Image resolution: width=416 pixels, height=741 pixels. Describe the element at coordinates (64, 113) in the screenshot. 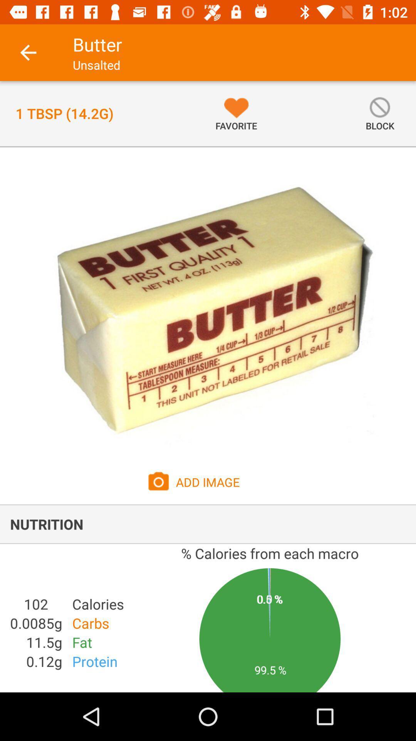

I see `the 1 tbsp 14 icon` at that location.